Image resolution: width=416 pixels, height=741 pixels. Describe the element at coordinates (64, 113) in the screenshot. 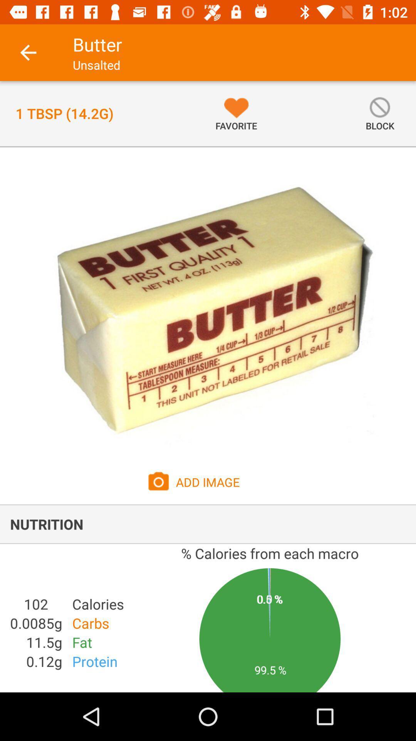

I see `the 1 tbsp 14 icon` at that location.